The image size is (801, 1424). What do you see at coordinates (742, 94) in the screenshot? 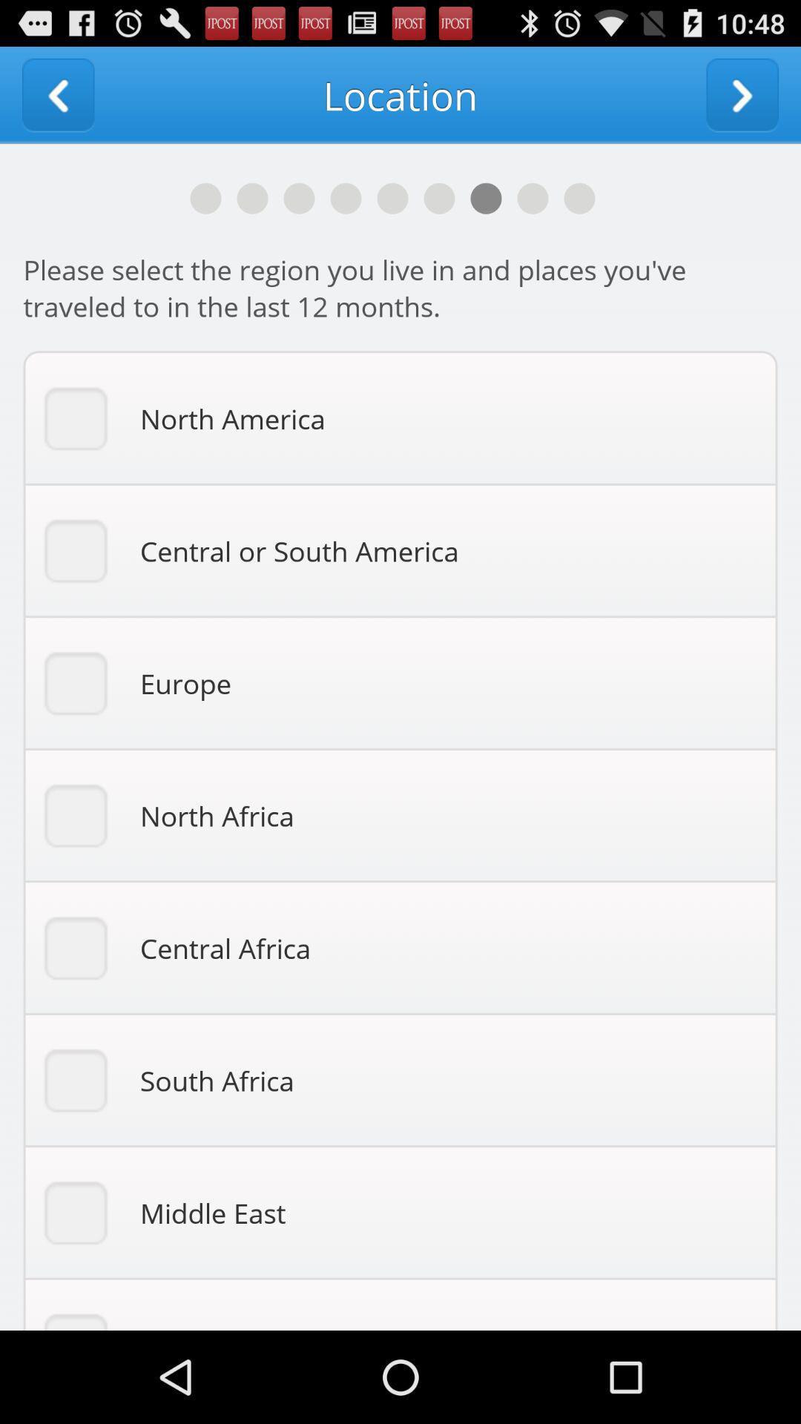
I see `go forward` at bounding box center [742, 94].